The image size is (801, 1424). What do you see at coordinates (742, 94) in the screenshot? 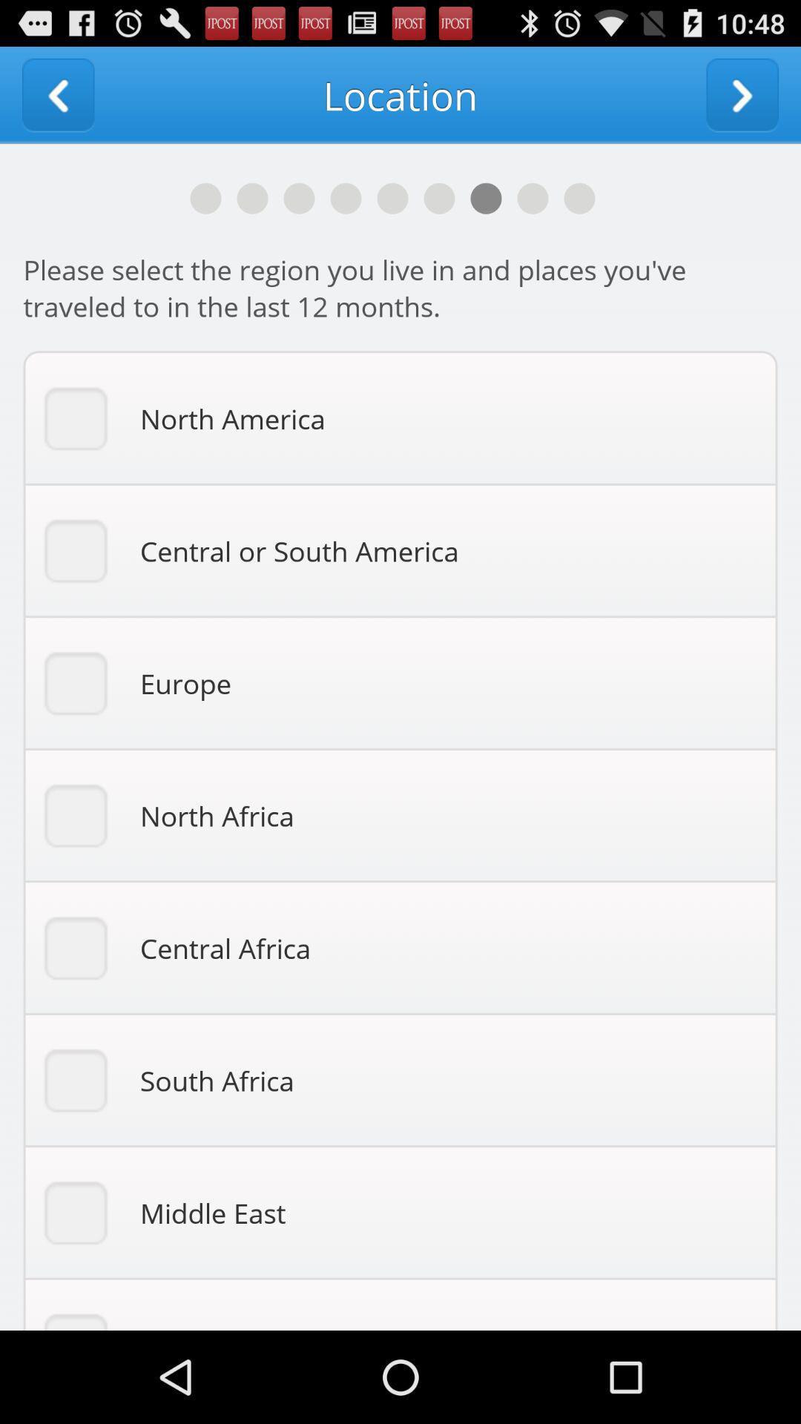
I see `go forward` at bounding box center [742, 94].